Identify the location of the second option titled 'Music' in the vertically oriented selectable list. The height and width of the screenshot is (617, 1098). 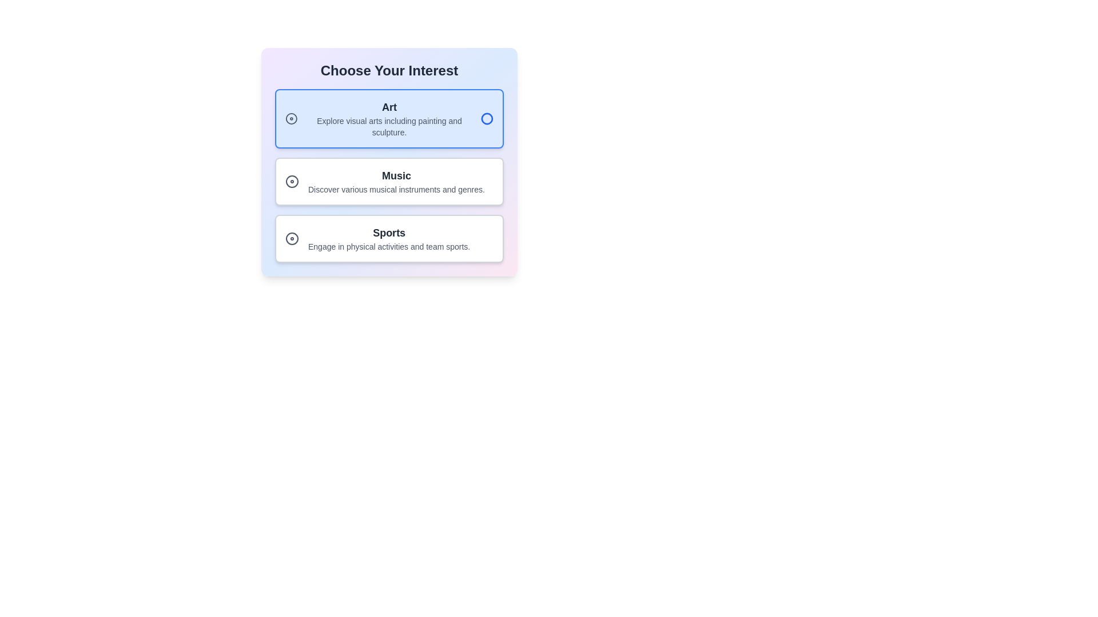
(389, 162).